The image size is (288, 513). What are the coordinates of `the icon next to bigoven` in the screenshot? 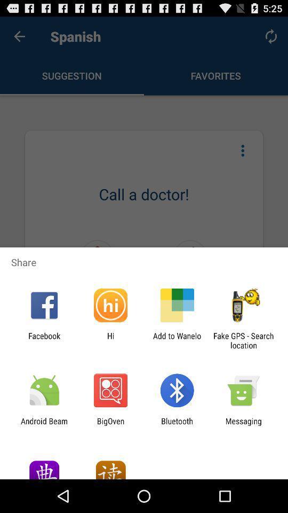 It's located at (44, 425).